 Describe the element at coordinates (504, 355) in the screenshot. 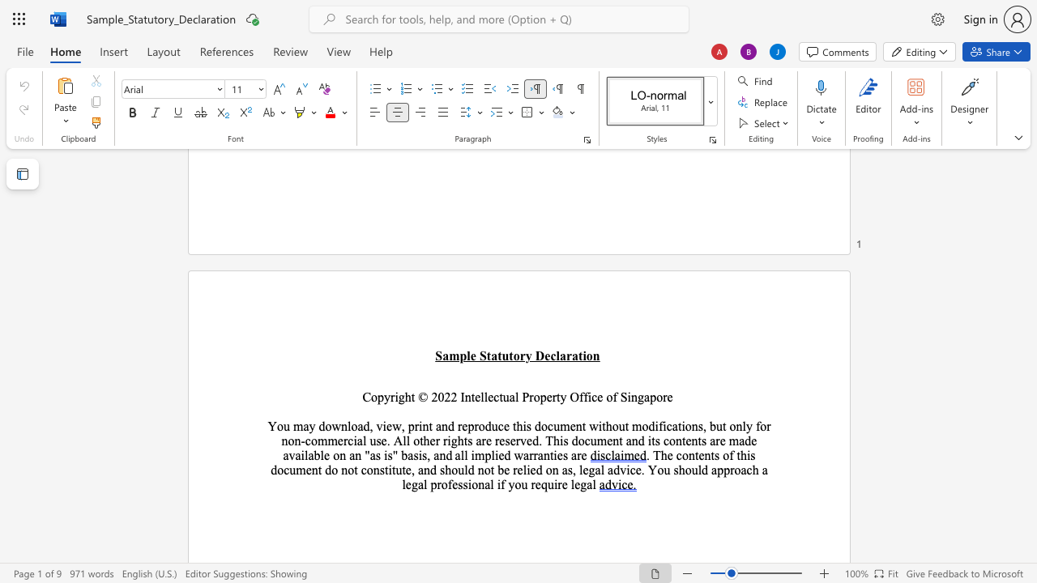

I see `the 1th character "u" in the text` at that location.